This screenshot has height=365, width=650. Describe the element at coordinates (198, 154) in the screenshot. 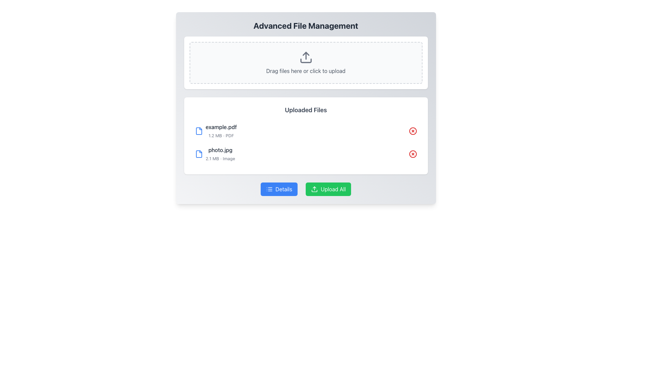

I see `the blue document icon located to the left of the text 'photo.jpg'` at that location.